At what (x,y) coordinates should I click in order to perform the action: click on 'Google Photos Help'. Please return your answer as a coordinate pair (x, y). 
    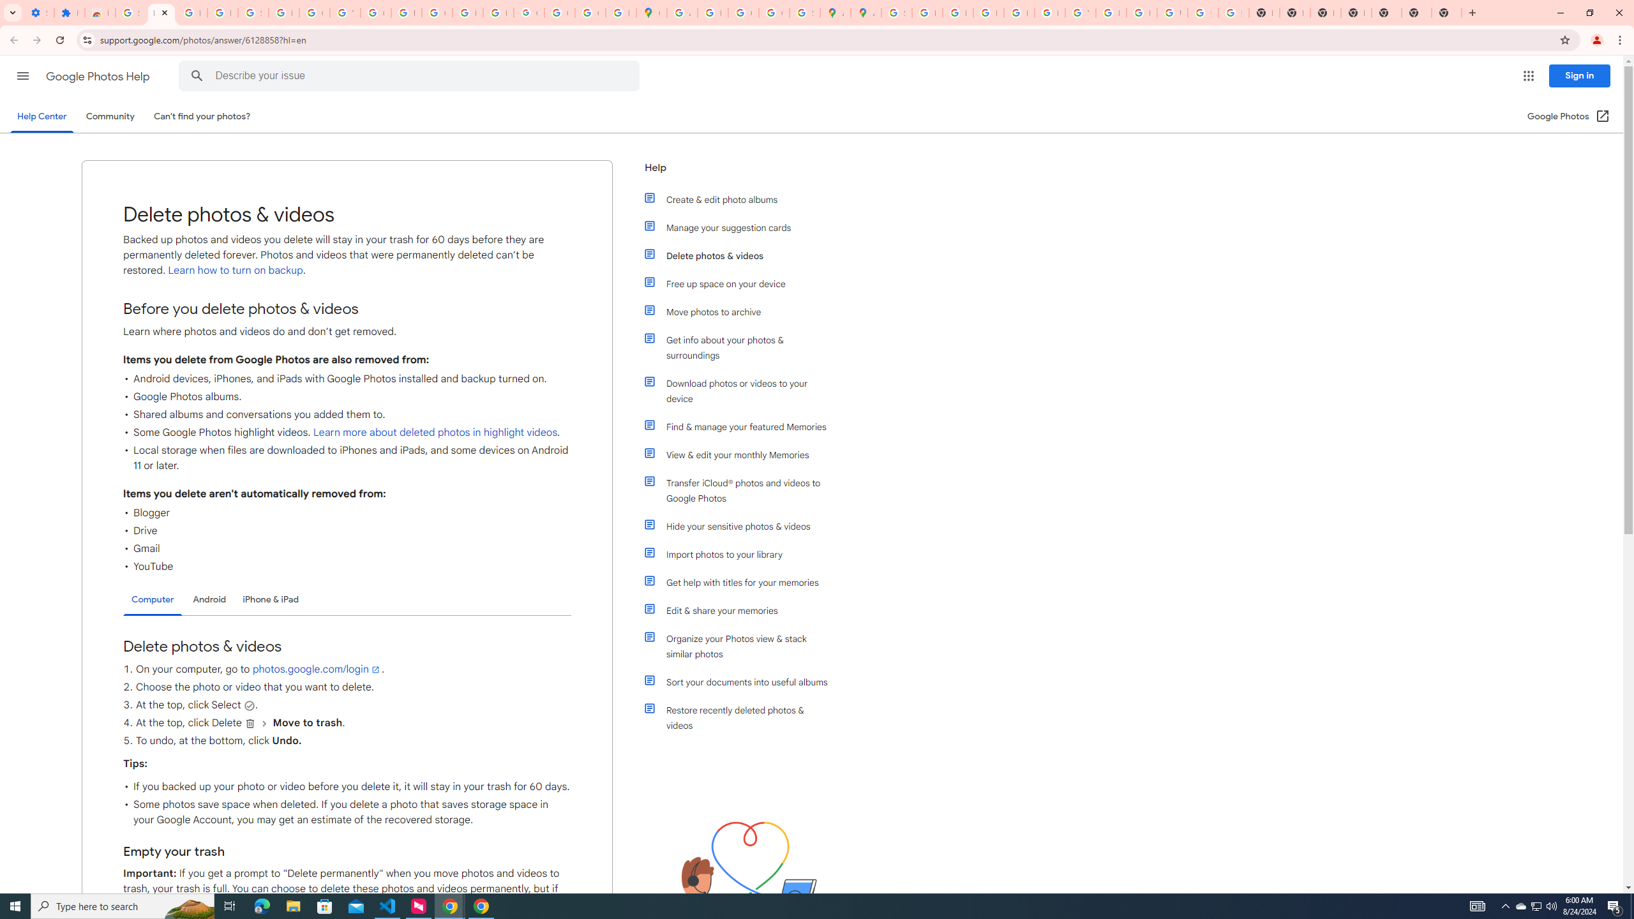
    Looking at the image, I should click on (98, 76).